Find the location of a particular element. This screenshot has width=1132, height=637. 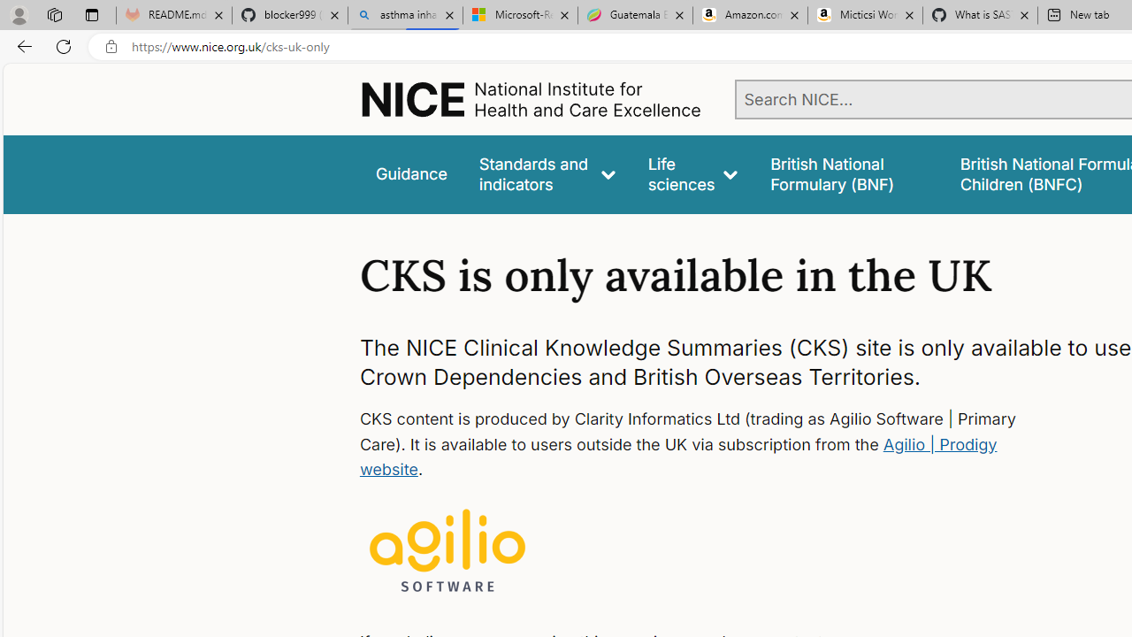

'View site information' is located at coordinates (111, 46).